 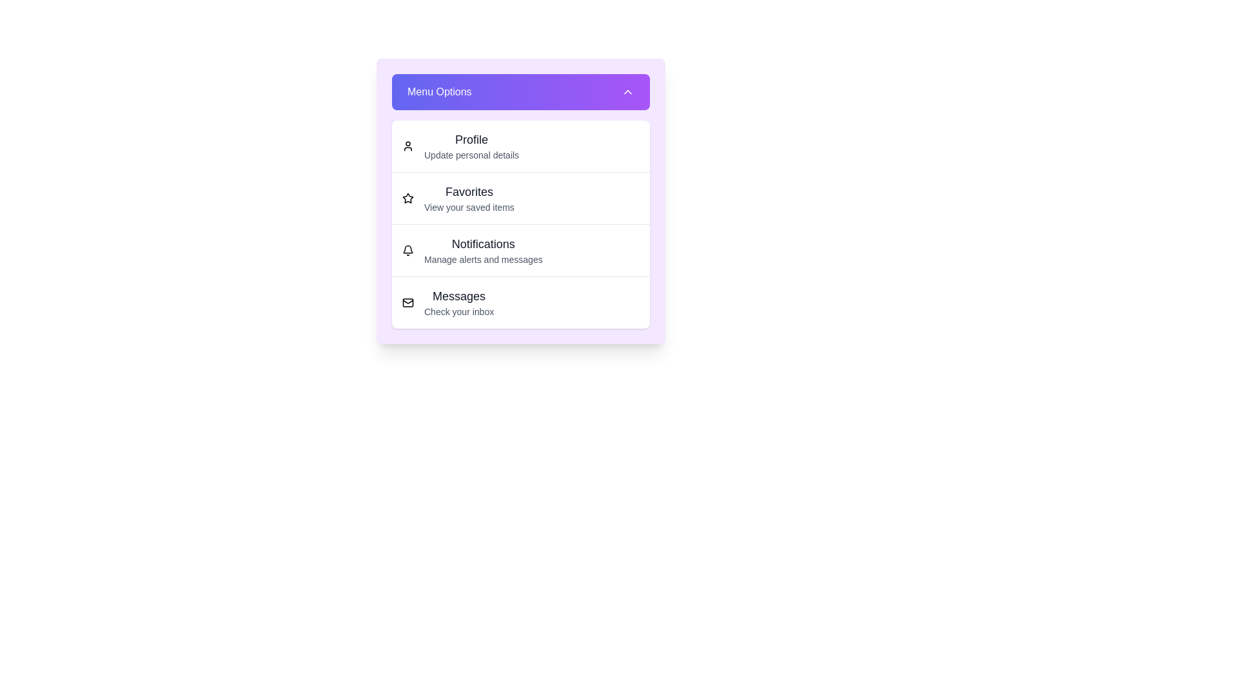 I want to click on the menu toggle button to expand or collapse the menu, so click(x=520, y=91).